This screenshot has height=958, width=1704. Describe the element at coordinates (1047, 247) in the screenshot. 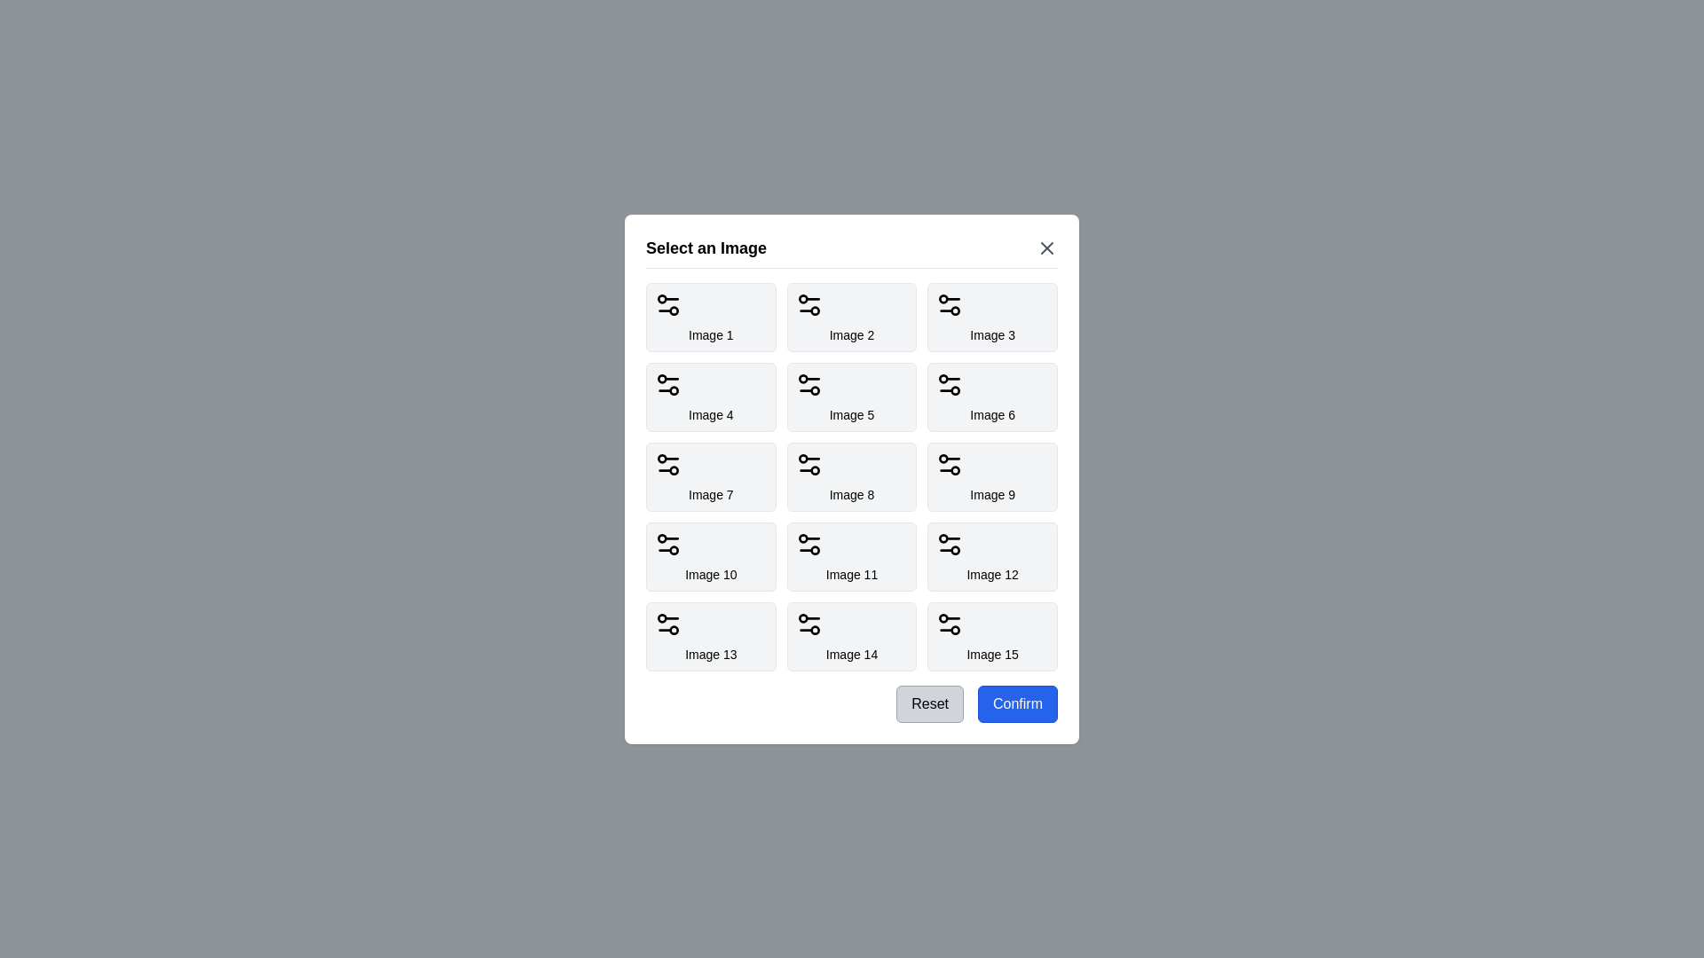

I see `close button in the top-right corner of the dialog to close it` at that location.